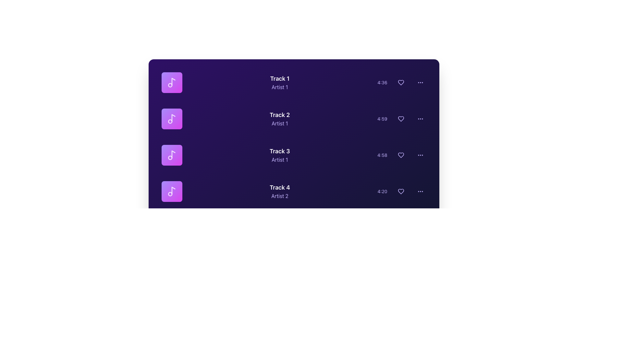 Image resolution: width=623 pixels, height=350 pixels. What do you see at coordinates (172, 119) in the screenshot?
I see `the music track icon representing 'Track 2' by 'Artist 1', which is the second icon in a vertical list of similar styled icons` at bounding box center [172, 119].